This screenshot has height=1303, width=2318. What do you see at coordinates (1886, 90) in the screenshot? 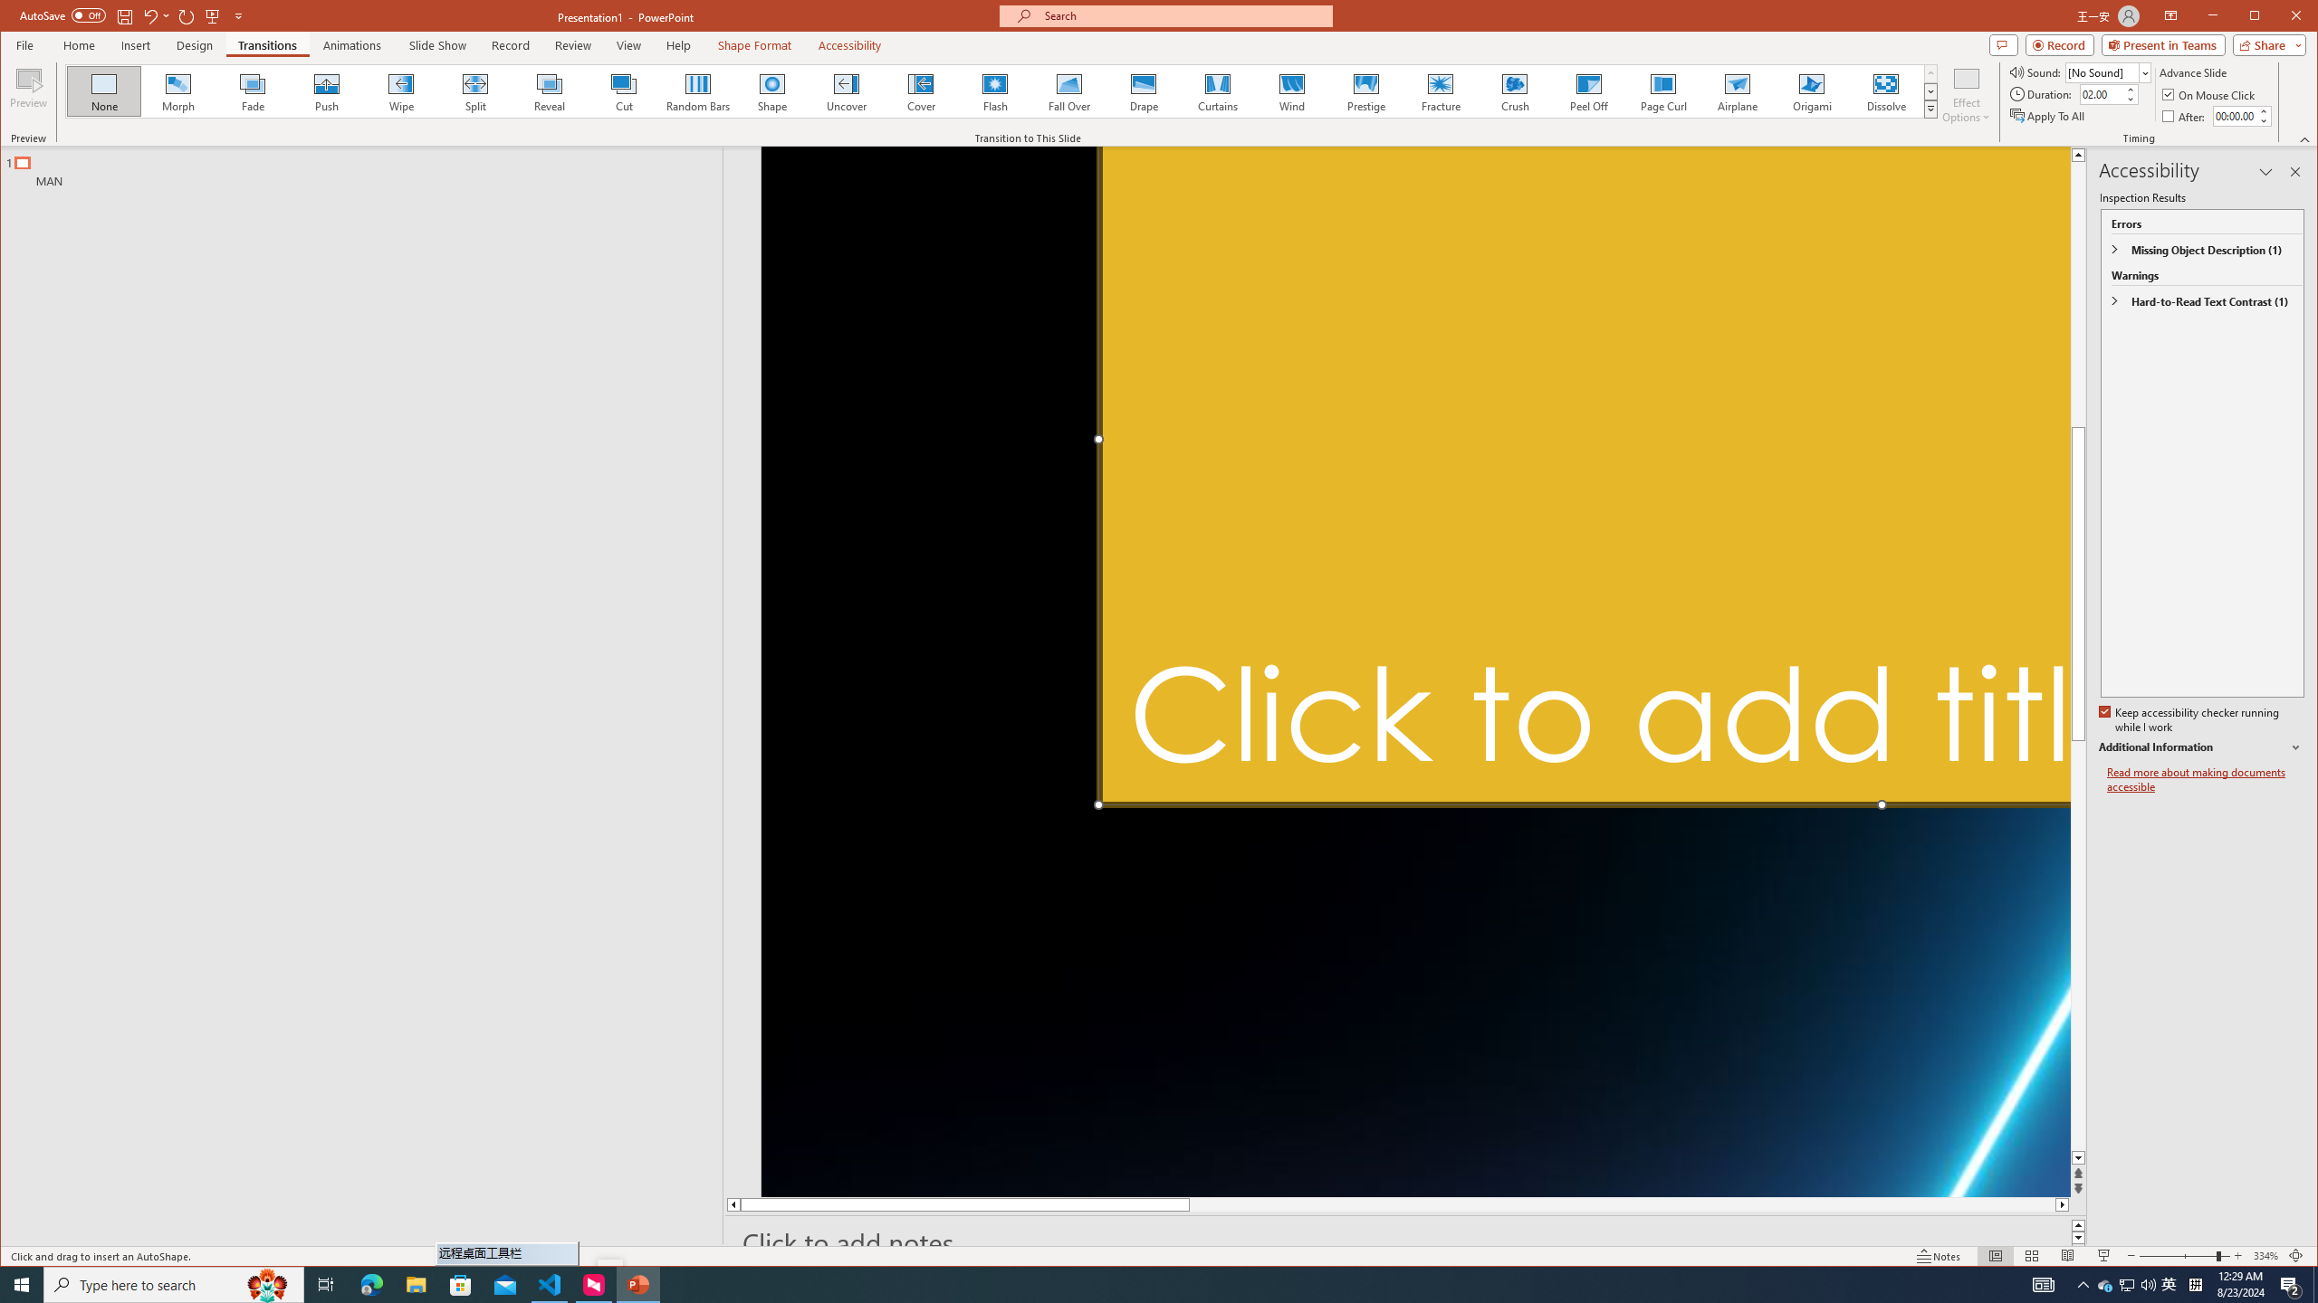
I see `'Dissolve'` at bounding box center [1886, 90].